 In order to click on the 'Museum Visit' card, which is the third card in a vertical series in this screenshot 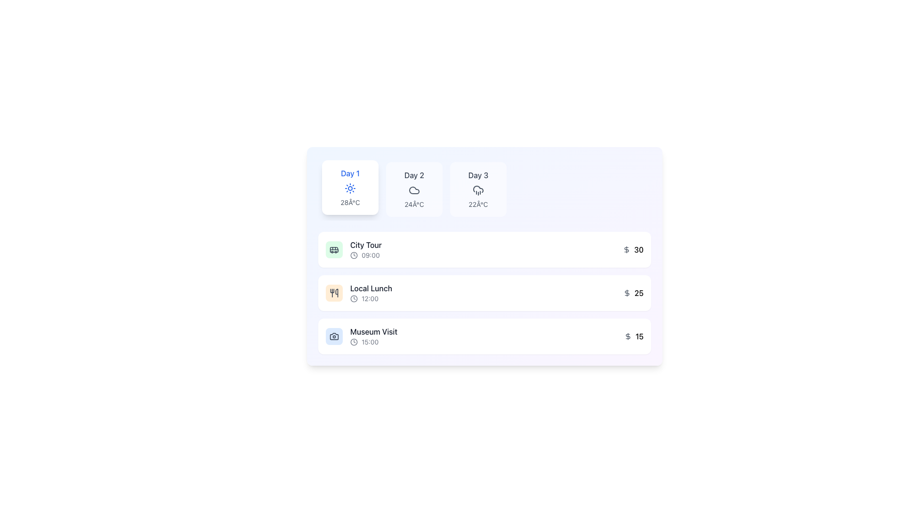, I will do `click(484, 336)`.